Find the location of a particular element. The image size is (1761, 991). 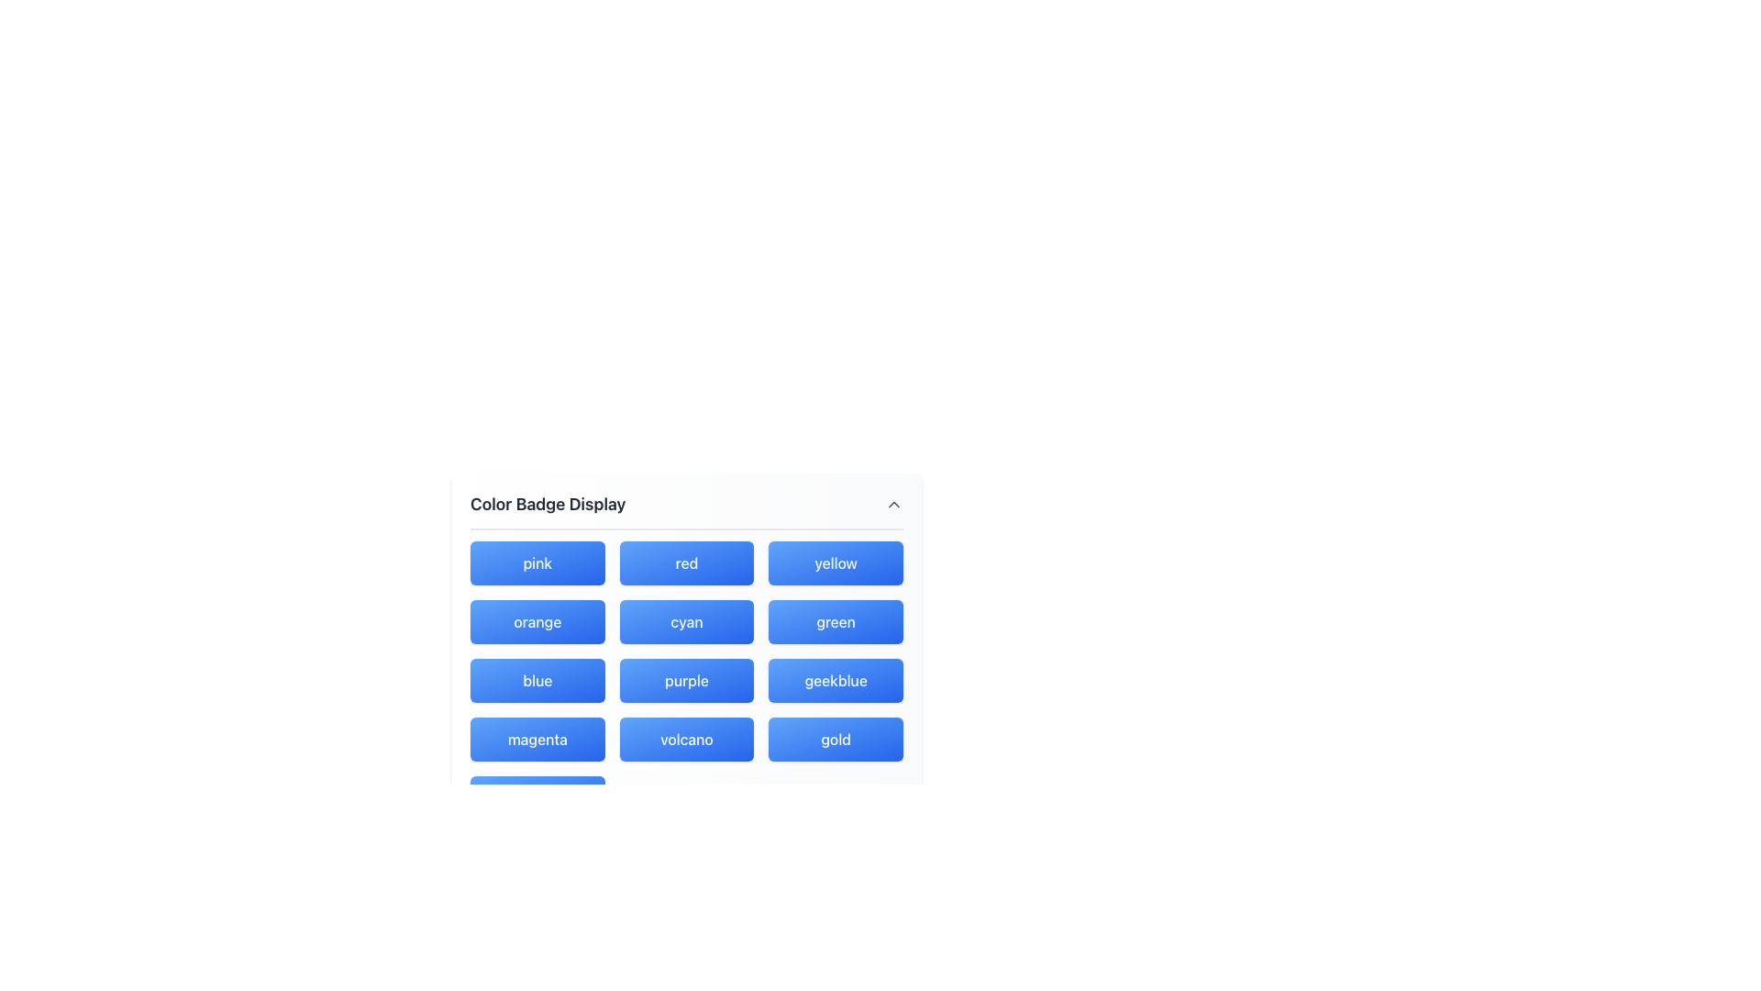

the 'volcano' button located in the center column of the last row in the grid, positioned between 'magenta' and 'gold' is located at coordinates (685, 739).